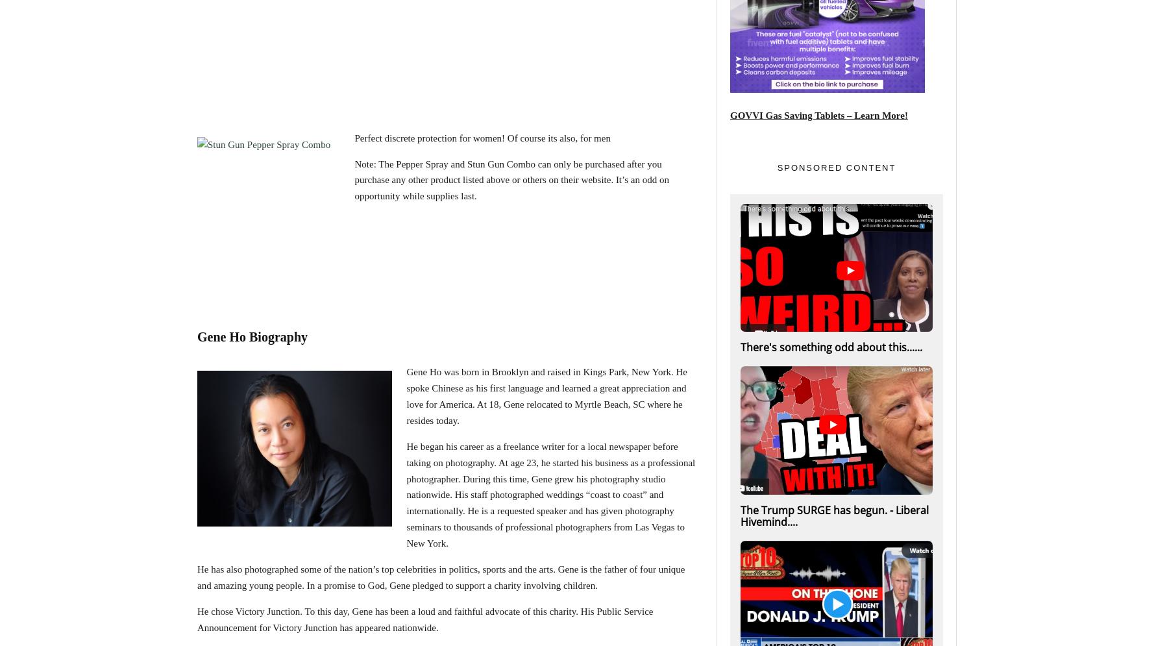 The height and width of the screenshot is (646, 1154). I want to click on 'He began his career as a freelance writer for a local newspaper before taking on photography. At age 23, he started his business as a professional photographer. During this time, Gene grew his photography studio nationwide. His staff photographed weddings “coast to coast” and internationally. He is a requested speaker and has given photography seminars to thousands of professional photographers from Las Vegas to New York.', so click(550, 493).